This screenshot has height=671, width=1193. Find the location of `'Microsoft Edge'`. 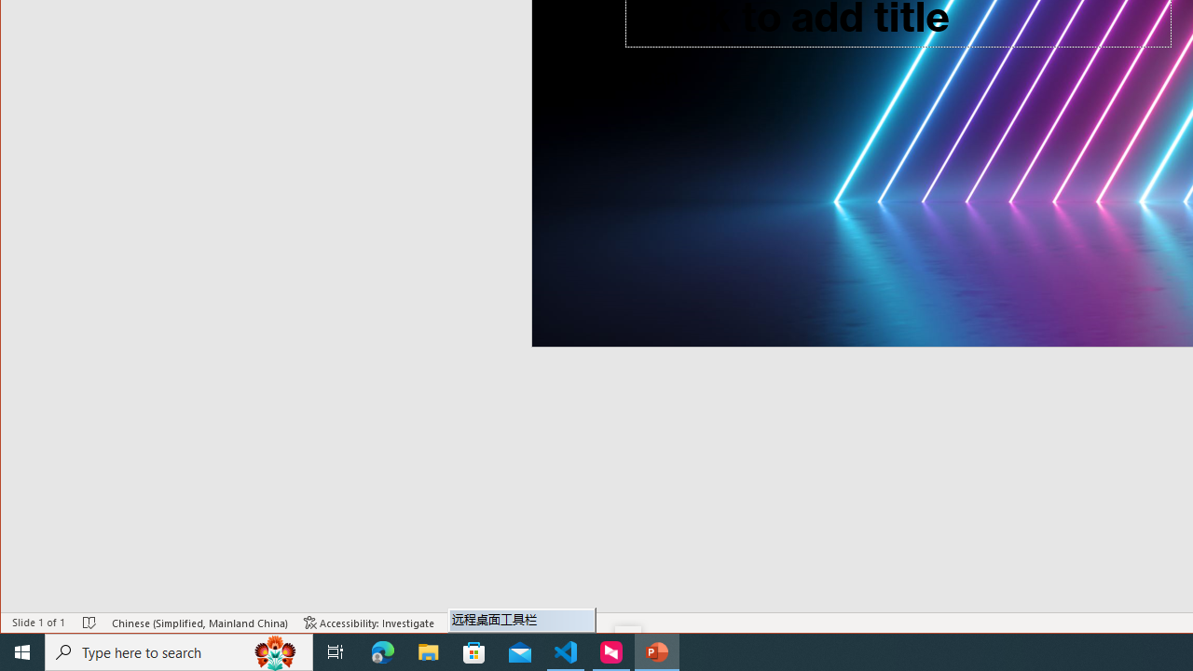

'Microsoft Edge' is located at coordinates (382, 650).